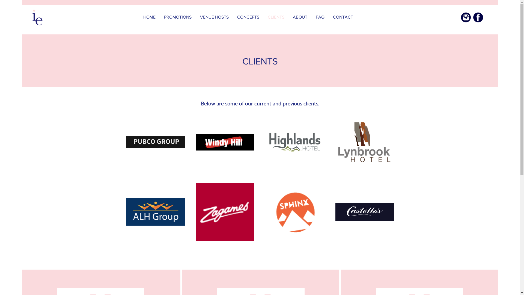 The height and width of the screenshot is (295, 524). Describe the element at coordinates (214, 17) in the screenshot. I see `'VENUE HOSTS'` at that location.